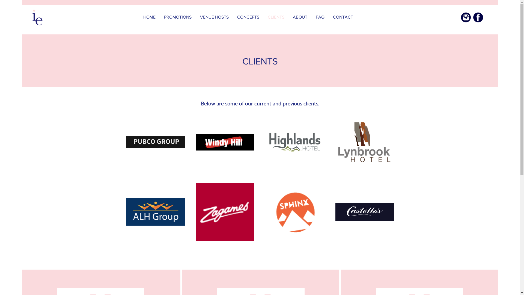 The height and width of the screenshot is (295, 524). Describe the element at coordinates (214, 17) in the screenshot. I see `'VENUE HOSTS'` at that location.